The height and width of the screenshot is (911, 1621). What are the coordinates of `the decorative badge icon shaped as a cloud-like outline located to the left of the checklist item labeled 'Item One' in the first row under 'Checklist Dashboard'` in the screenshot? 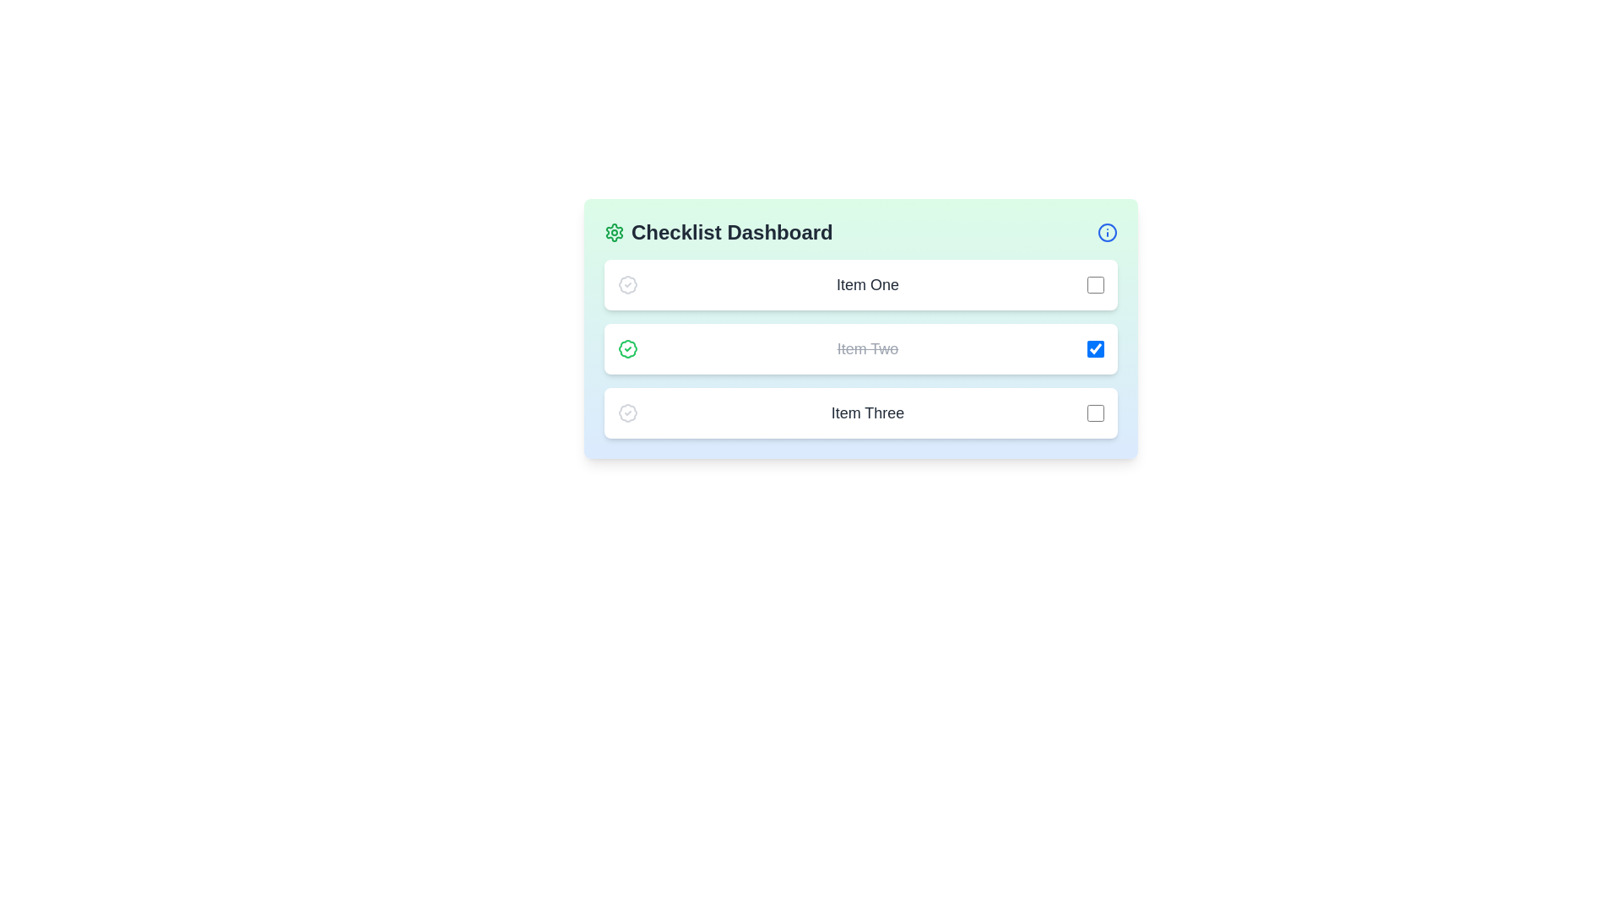 It's located at (627, 284).